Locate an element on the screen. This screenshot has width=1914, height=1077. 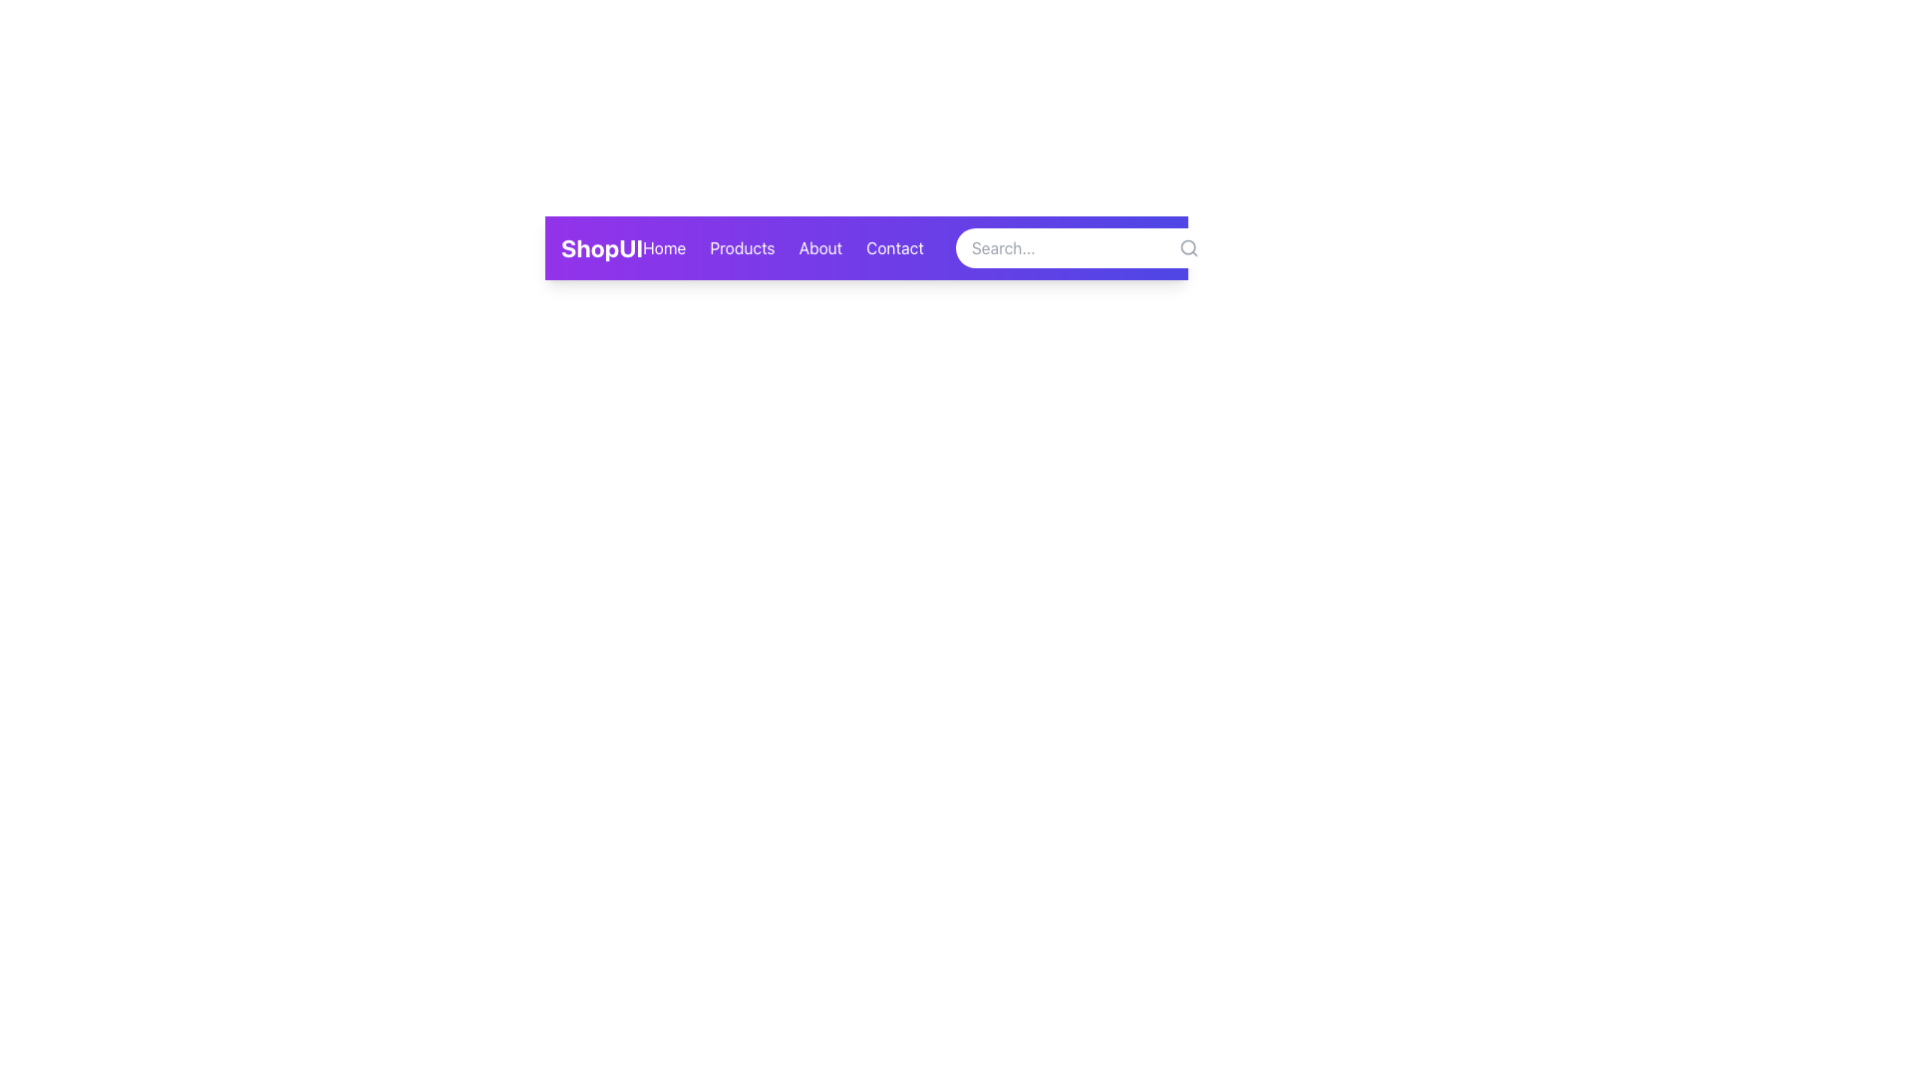
the fourth hyperlink in the horizontal navigation bar is located at coordinates (893, 247).